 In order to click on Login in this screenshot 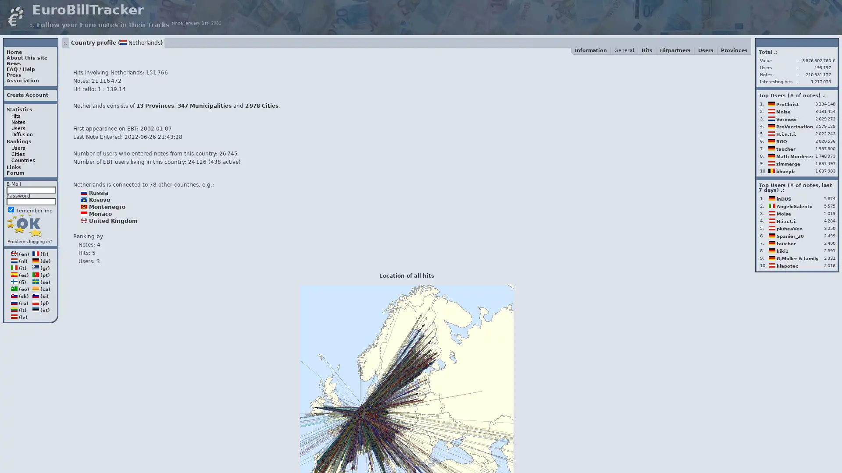, I will do `click(24, 225)`.